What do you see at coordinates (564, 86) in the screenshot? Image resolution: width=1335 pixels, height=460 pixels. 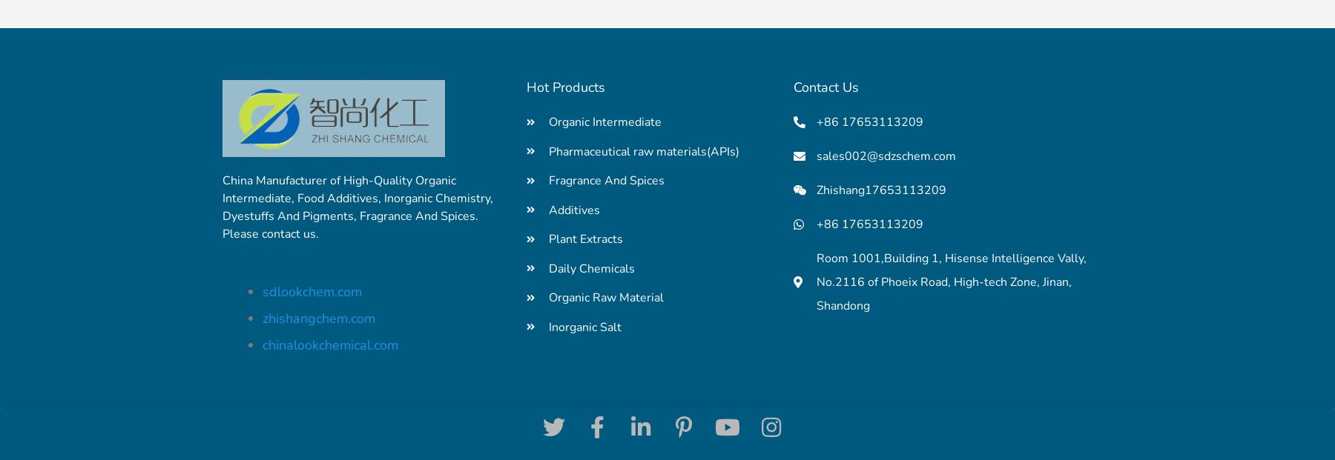 I see `'Hot Products'` at bounding box center [564, 86].